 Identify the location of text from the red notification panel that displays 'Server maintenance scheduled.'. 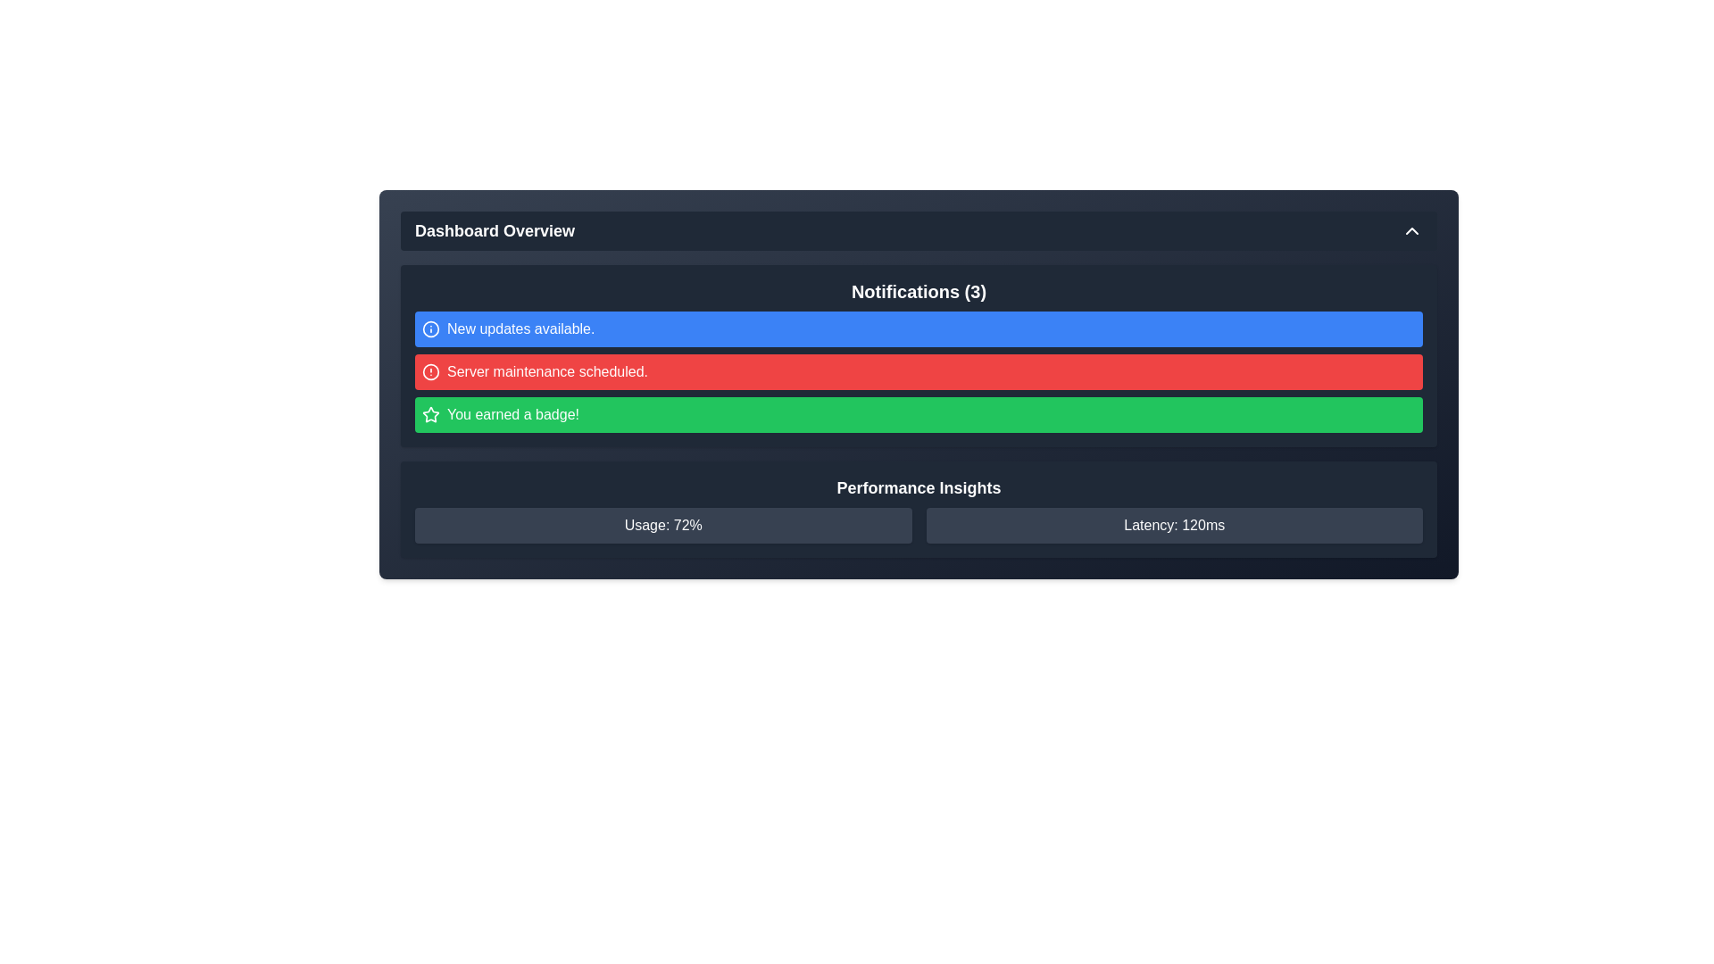
(546, 370).